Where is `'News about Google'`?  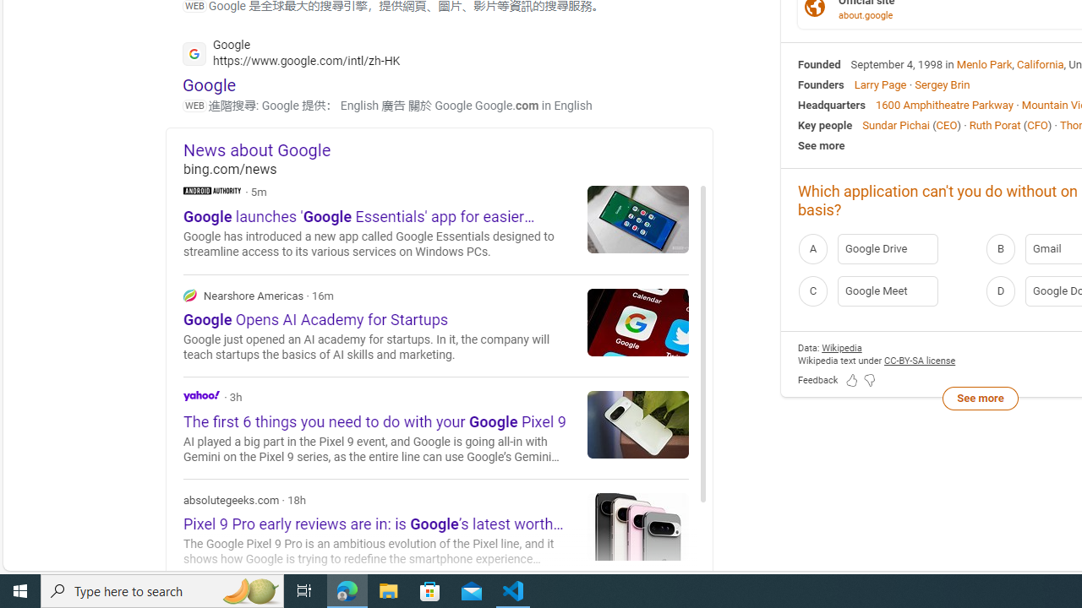 'News about Google' is located at coordinates (448, 149).